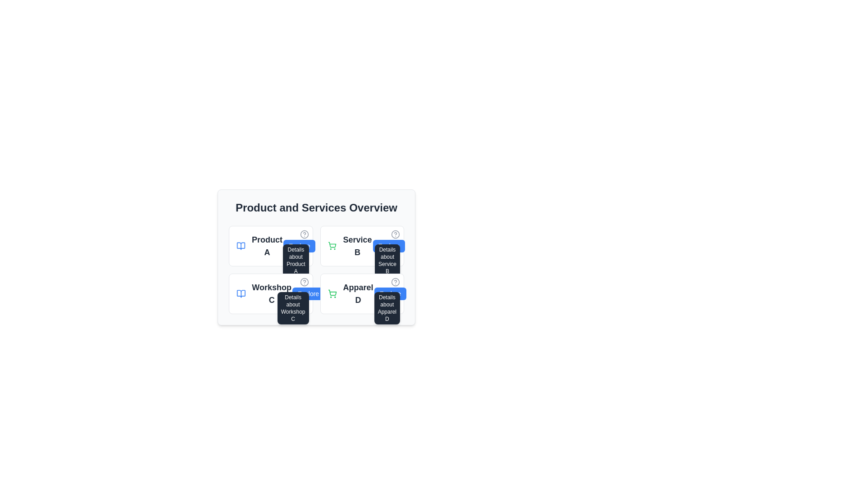 The width and height of the screenshot is (865, 486). Describe the element at coordinates (316, 270) in the screenshot. I see `details presented in the 'Workshop C' card layout located in the bottom-left position of the grid layout under the 'Product and Services Overview' header` at that location.